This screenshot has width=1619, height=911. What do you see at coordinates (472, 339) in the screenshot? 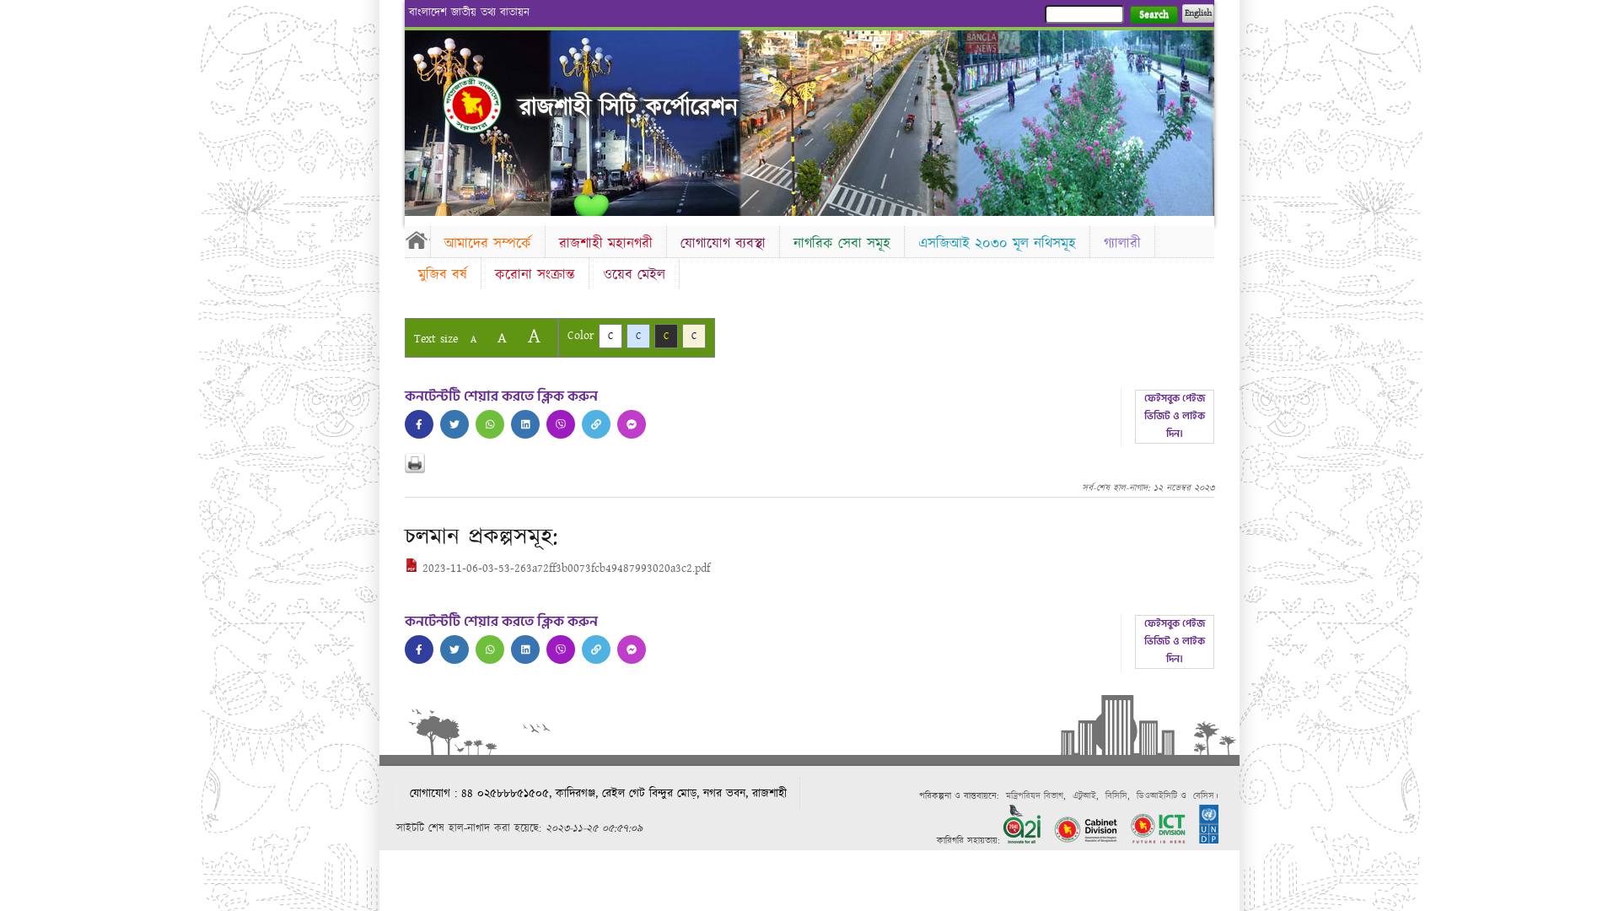
I see `'A'` at bounding box center [472, 339].